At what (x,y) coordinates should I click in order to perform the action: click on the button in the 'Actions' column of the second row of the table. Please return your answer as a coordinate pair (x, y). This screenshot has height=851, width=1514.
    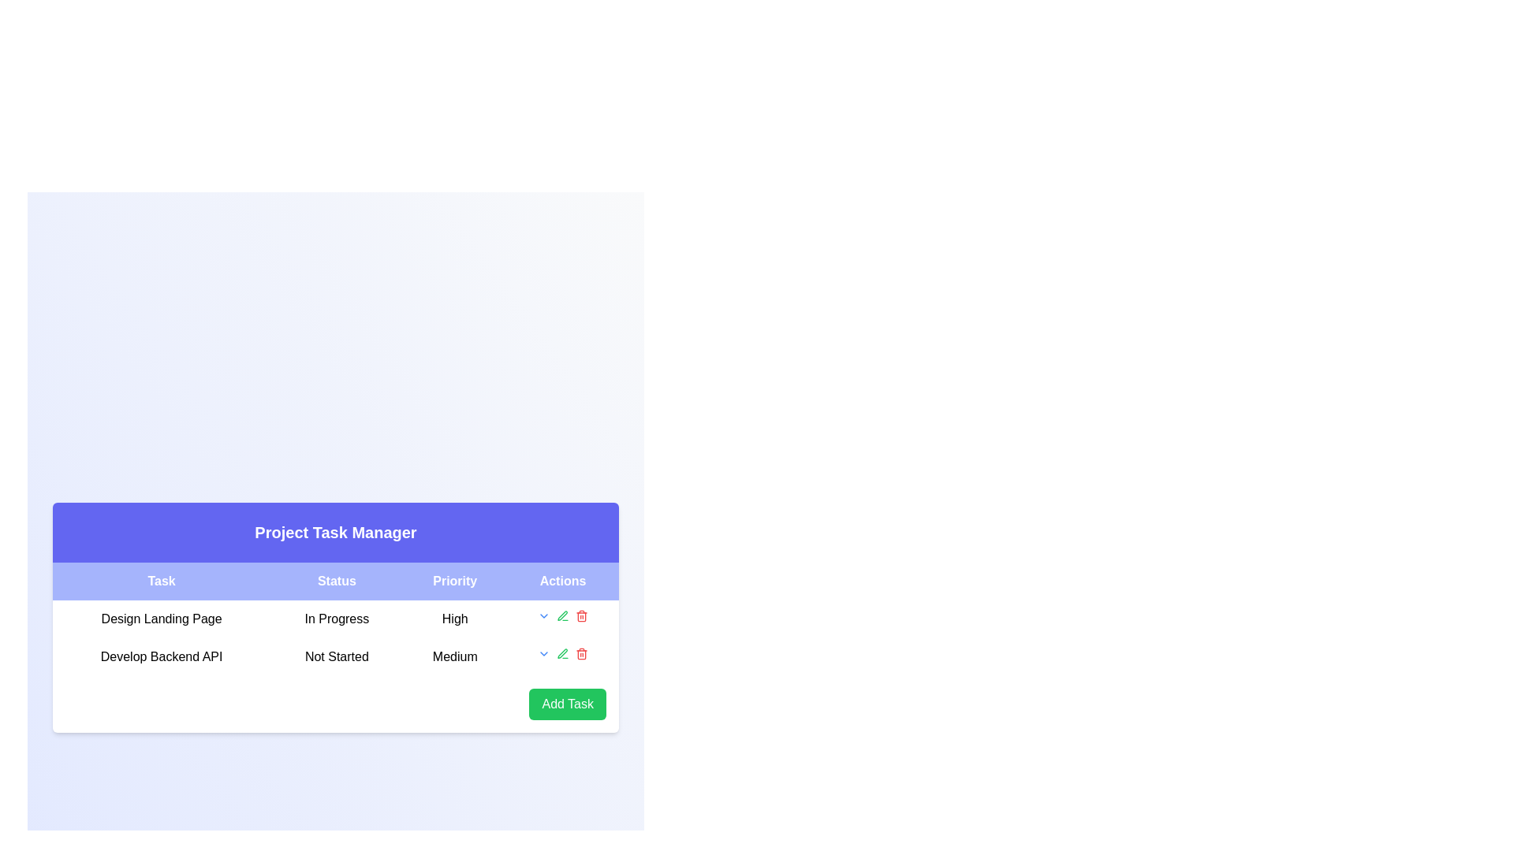
    Looking at the image, I should click on (544, 653).